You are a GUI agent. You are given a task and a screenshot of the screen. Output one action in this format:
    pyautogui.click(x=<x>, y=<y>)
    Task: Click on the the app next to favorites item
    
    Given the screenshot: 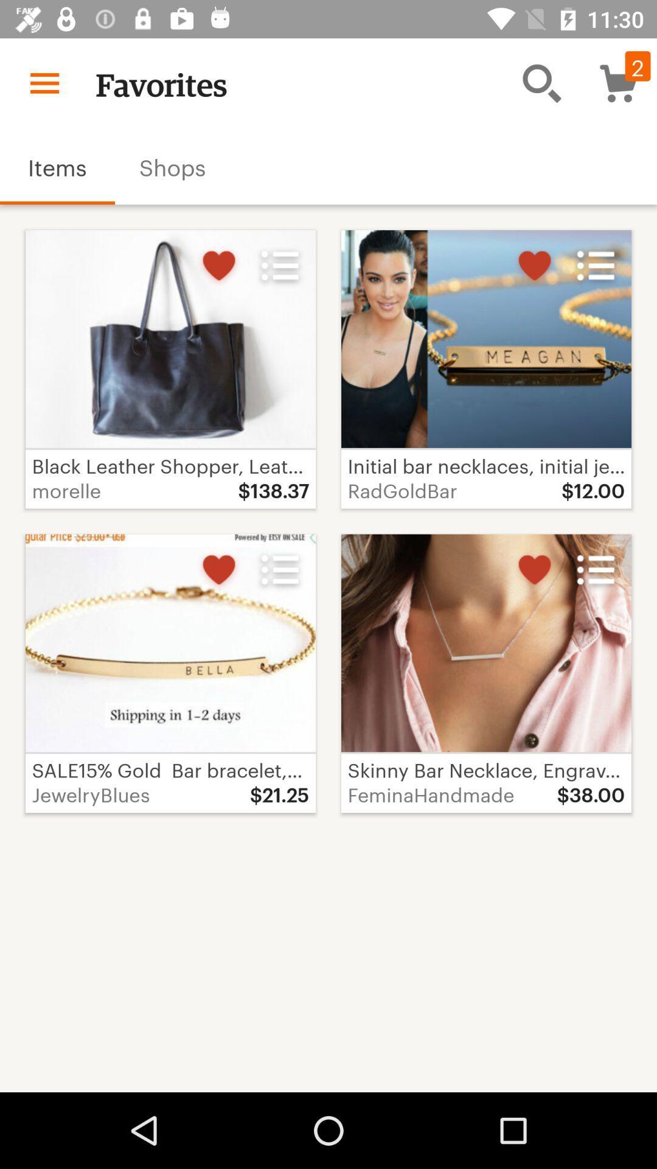 What is the action you would take?
    pyautogui.click(x=44, y=82)
    